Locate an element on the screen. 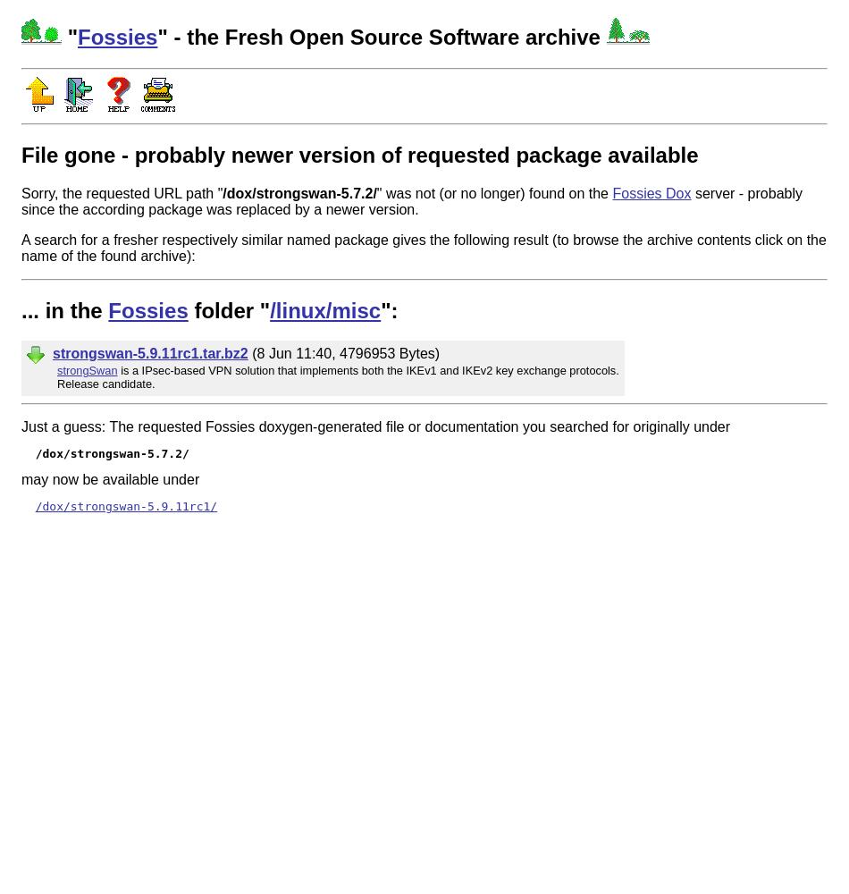 The image size is (849, 894). '"' is located at coordinates (69, 36).